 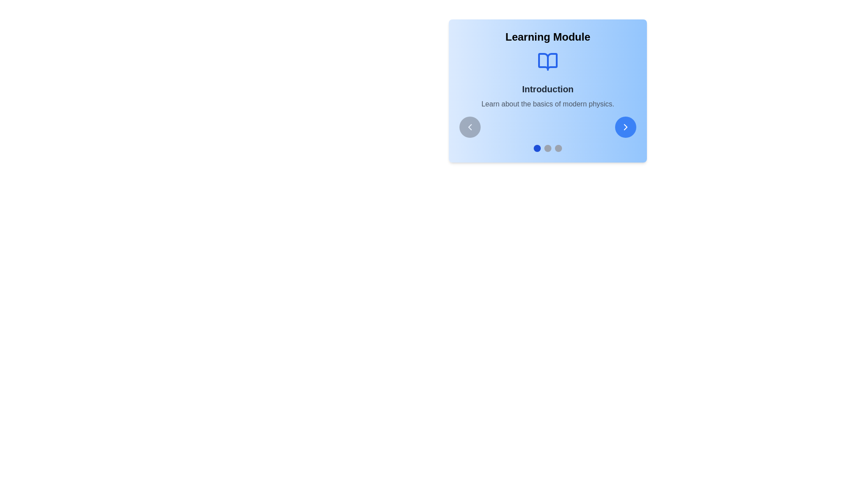 I want to click on the left-facing chevron icon within the circular button on the leftmost part of the card, so click(x=469, y=127).